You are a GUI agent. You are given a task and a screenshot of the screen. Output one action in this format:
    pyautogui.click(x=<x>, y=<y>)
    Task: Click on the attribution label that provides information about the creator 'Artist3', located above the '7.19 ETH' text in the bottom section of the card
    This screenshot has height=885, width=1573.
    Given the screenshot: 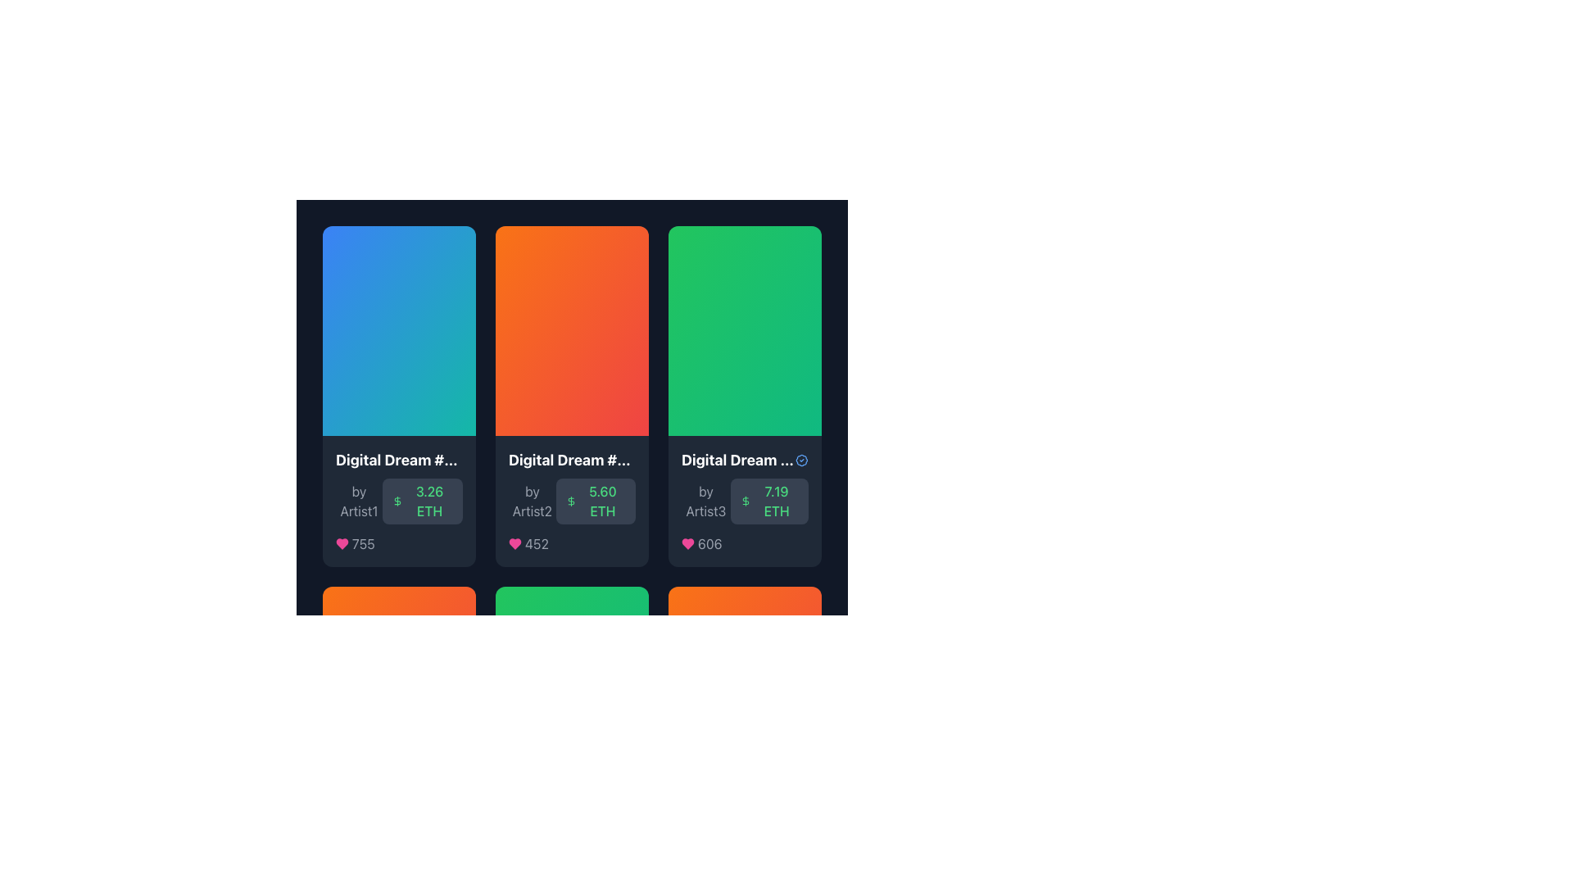 What is the action you would take?
    pyautogui.click(x=705, y=501)
    